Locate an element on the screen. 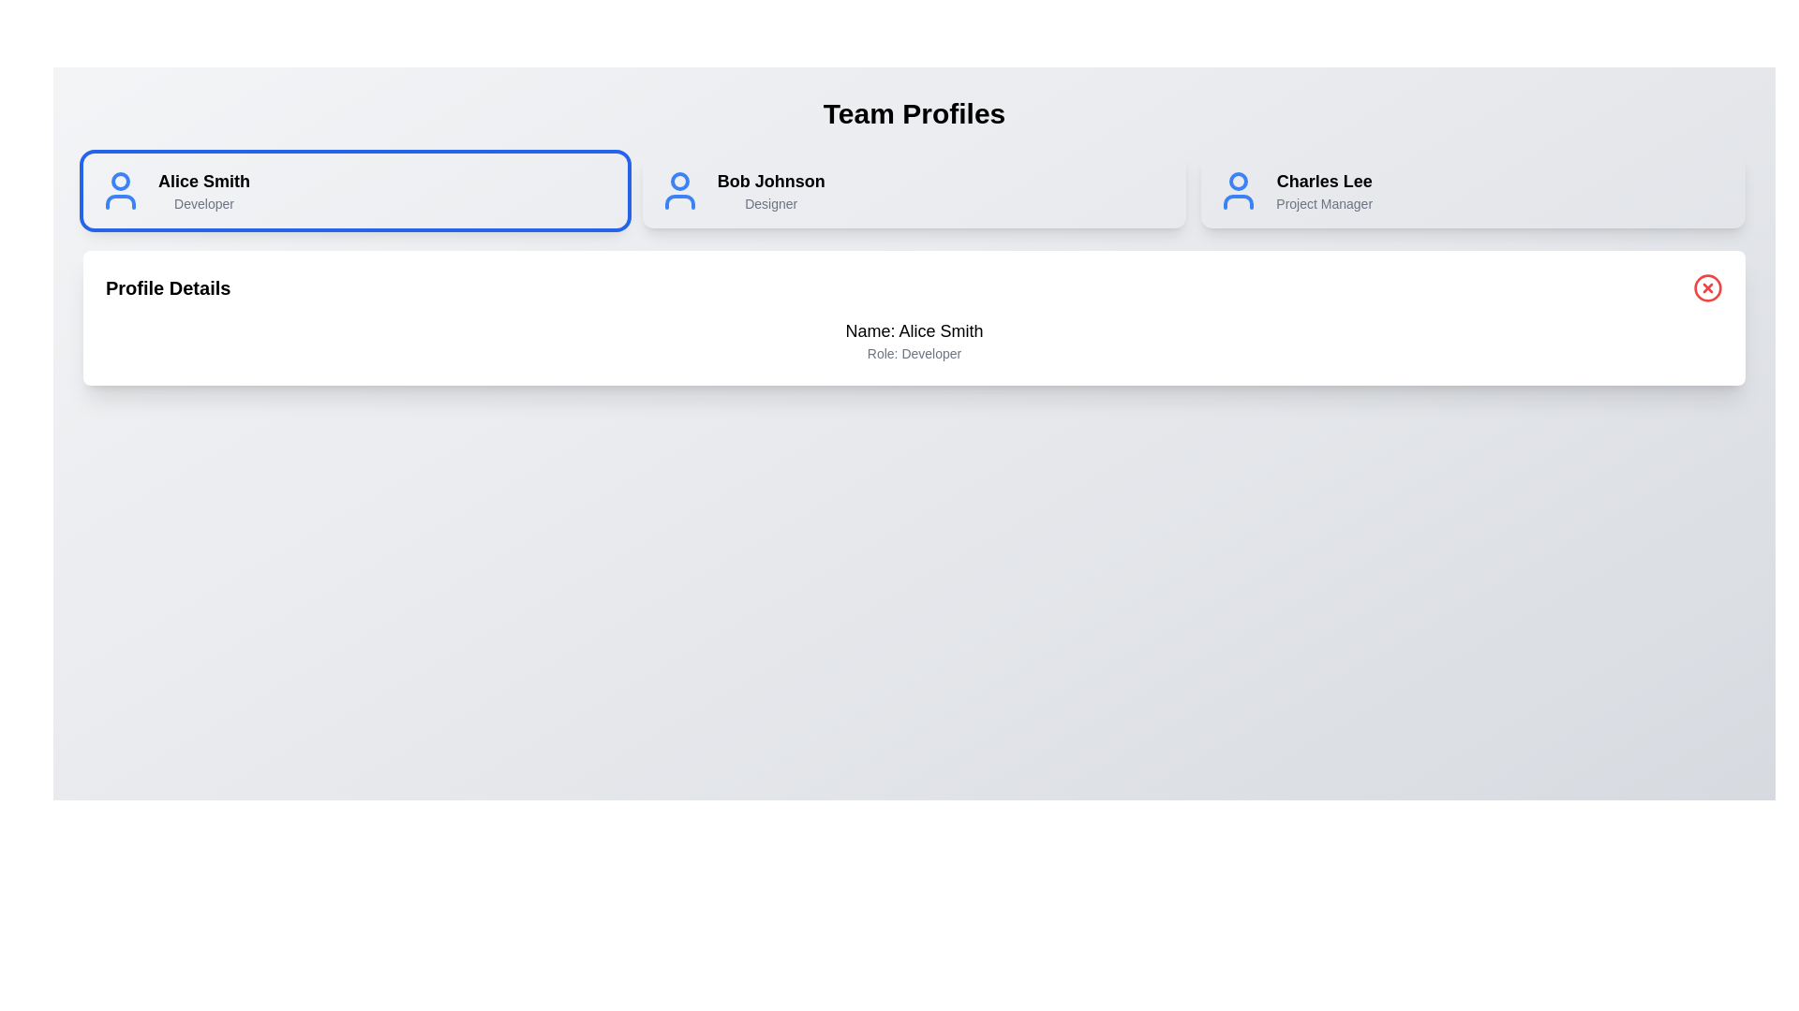 Image resolution: width=1799 pixels, height=1011 pixels. the Information Card that presents details about Charles Lee, the Project Manager, located as the third card in a horizontal grid layout is located at coordinates (1472, 191).